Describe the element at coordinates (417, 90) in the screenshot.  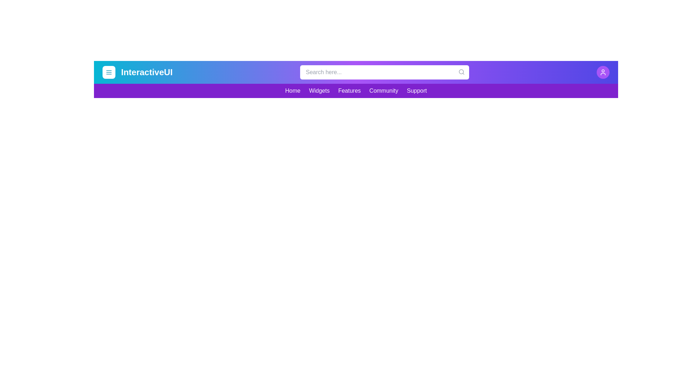
I see `the navigation link labeled Support` at that location.